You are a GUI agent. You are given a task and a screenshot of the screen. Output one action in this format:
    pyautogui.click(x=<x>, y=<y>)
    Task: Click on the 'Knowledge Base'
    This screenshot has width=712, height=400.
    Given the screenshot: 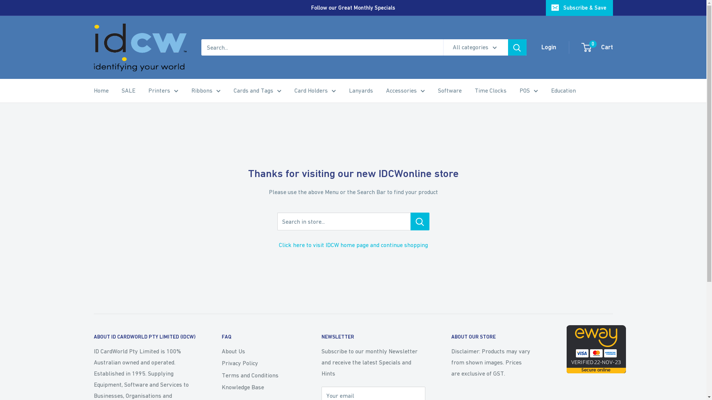 What is the action you would take?
    pyautogui.click(x=258, y=387)
    